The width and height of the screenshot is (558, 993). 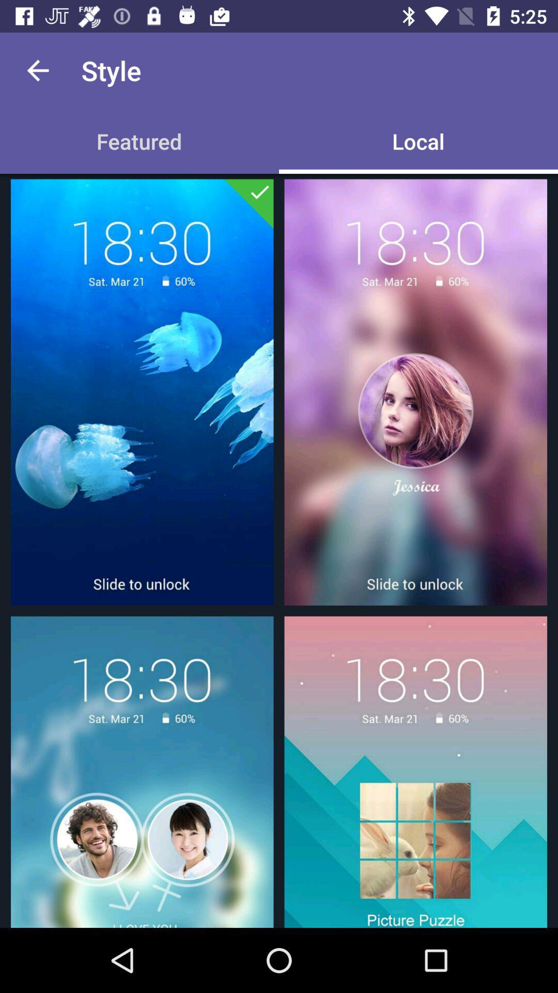 What do you see at coordinates (37, 70) in the screenshot?
I see `the icon next to the style app` at bounding box center [37, 70].